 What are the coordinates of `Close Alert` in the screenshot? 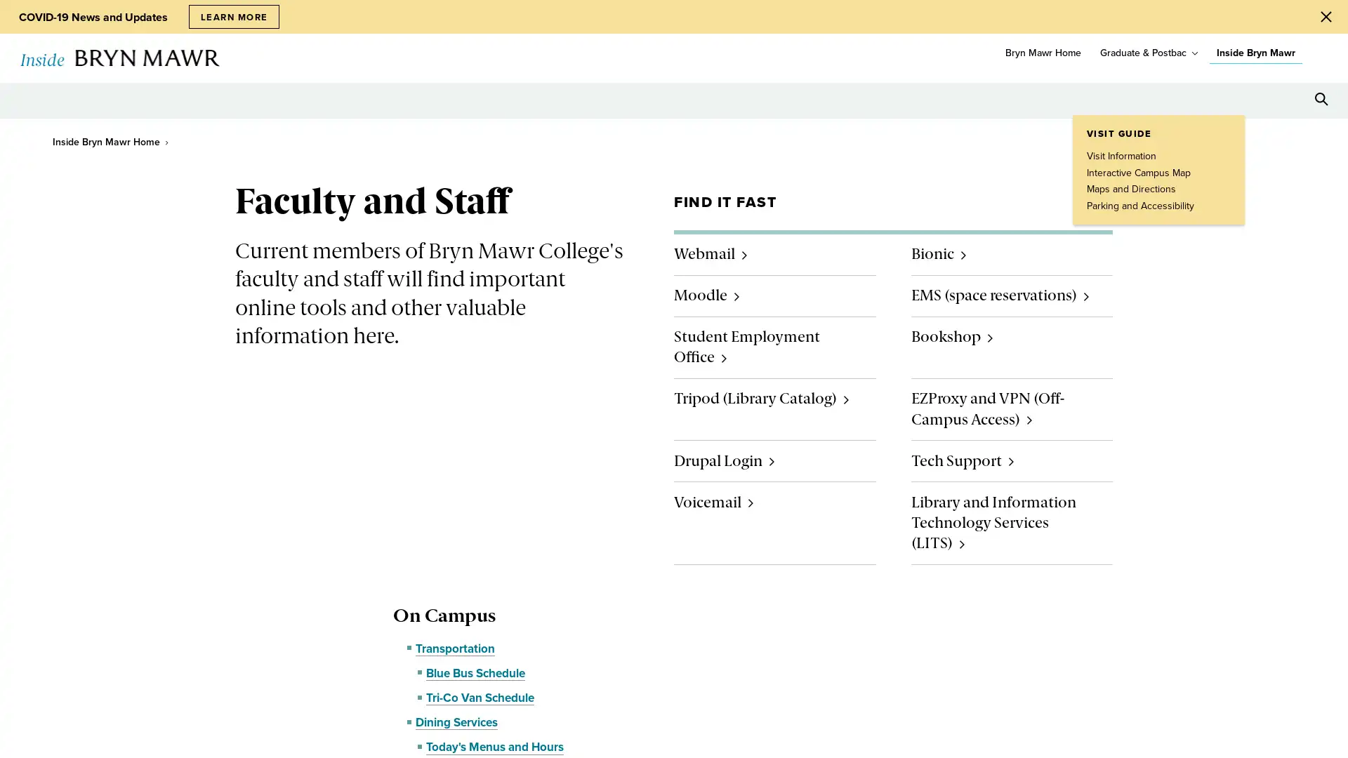 It's located at (1326, 16).